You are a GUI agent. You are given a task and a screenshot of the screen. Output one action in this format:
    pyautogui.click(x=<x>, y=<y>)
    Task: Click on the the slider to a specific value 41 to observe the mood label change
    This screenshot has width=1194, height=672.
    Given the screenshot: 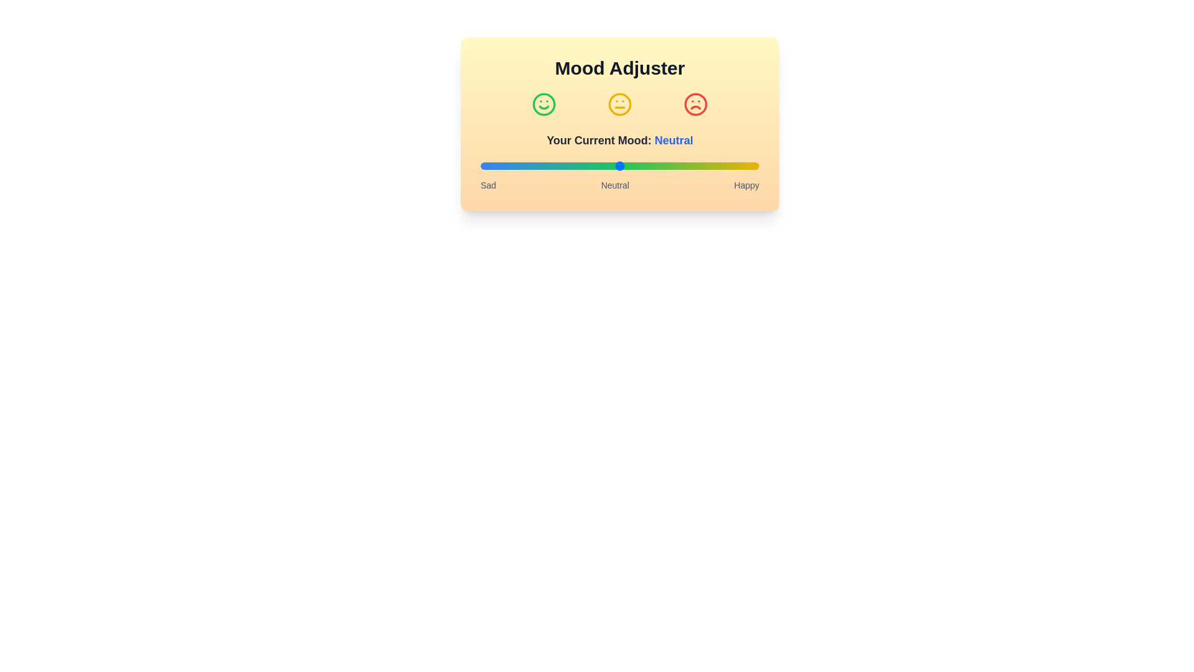 What is the action you would take?
    pyautogui.click(x=594, y=165)
    